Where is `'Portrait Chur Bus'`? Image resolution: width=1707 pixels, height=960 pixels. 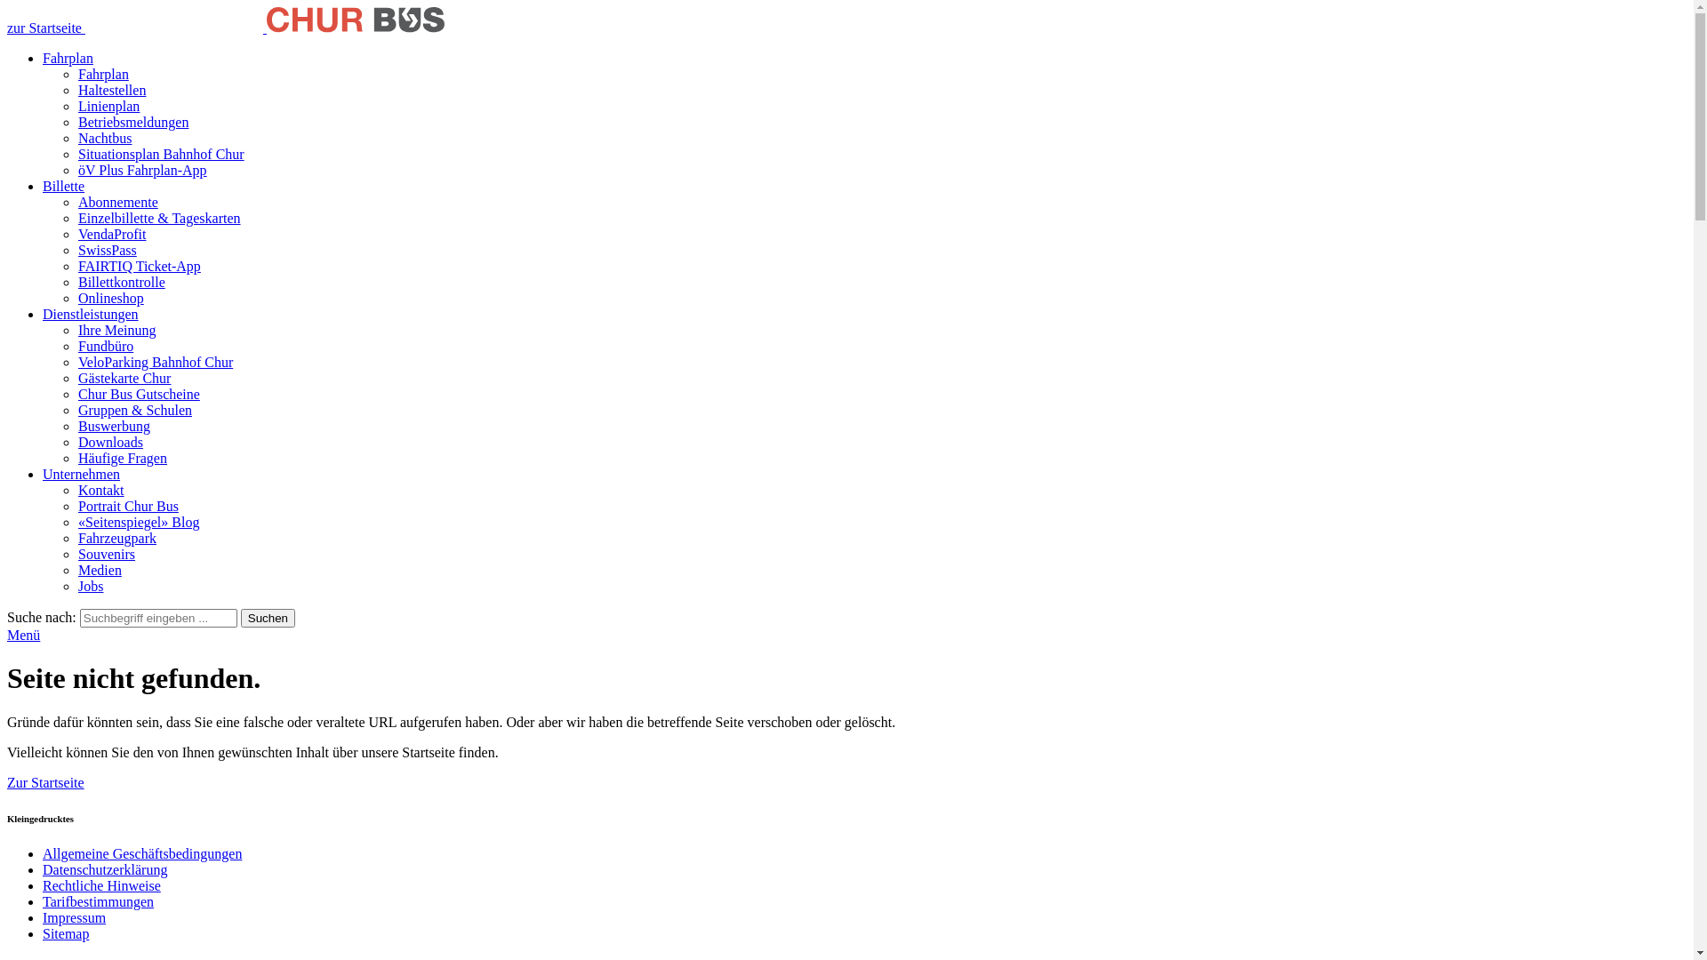
'Portrait Chur Bus' is located at coordinates (127, 506).